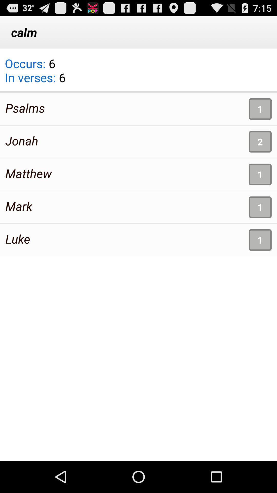 The image size is (277, 493). What do you see at coordinates (260, 142) in the screenshot?
I see `2 icon` at bounding box center [260, 142].